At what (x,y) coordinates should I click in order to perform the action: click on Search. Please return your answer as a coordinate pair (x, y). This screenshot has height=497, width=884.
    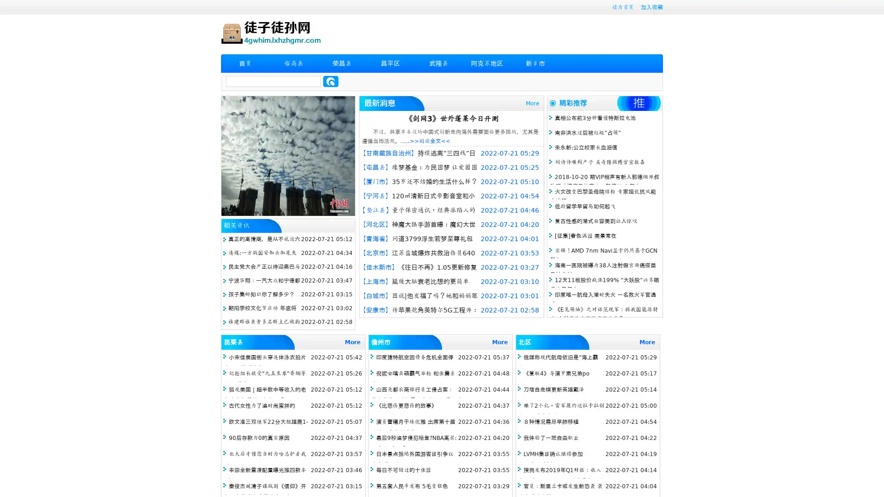
    Looking at the image, I should click on (331, 81).